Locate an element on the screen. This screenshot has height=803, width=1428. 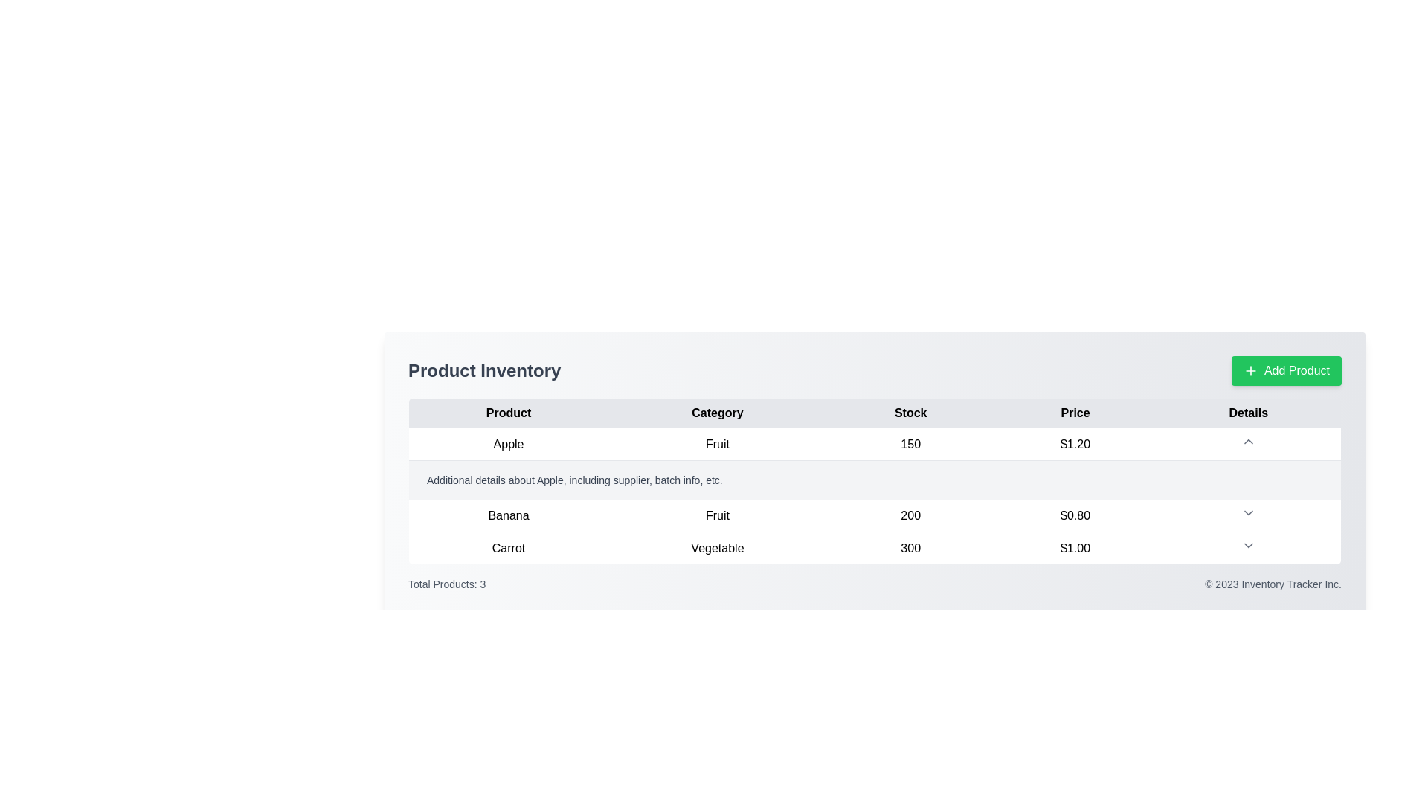
the first row of the product inventory table is located at coordinates (875, 443).